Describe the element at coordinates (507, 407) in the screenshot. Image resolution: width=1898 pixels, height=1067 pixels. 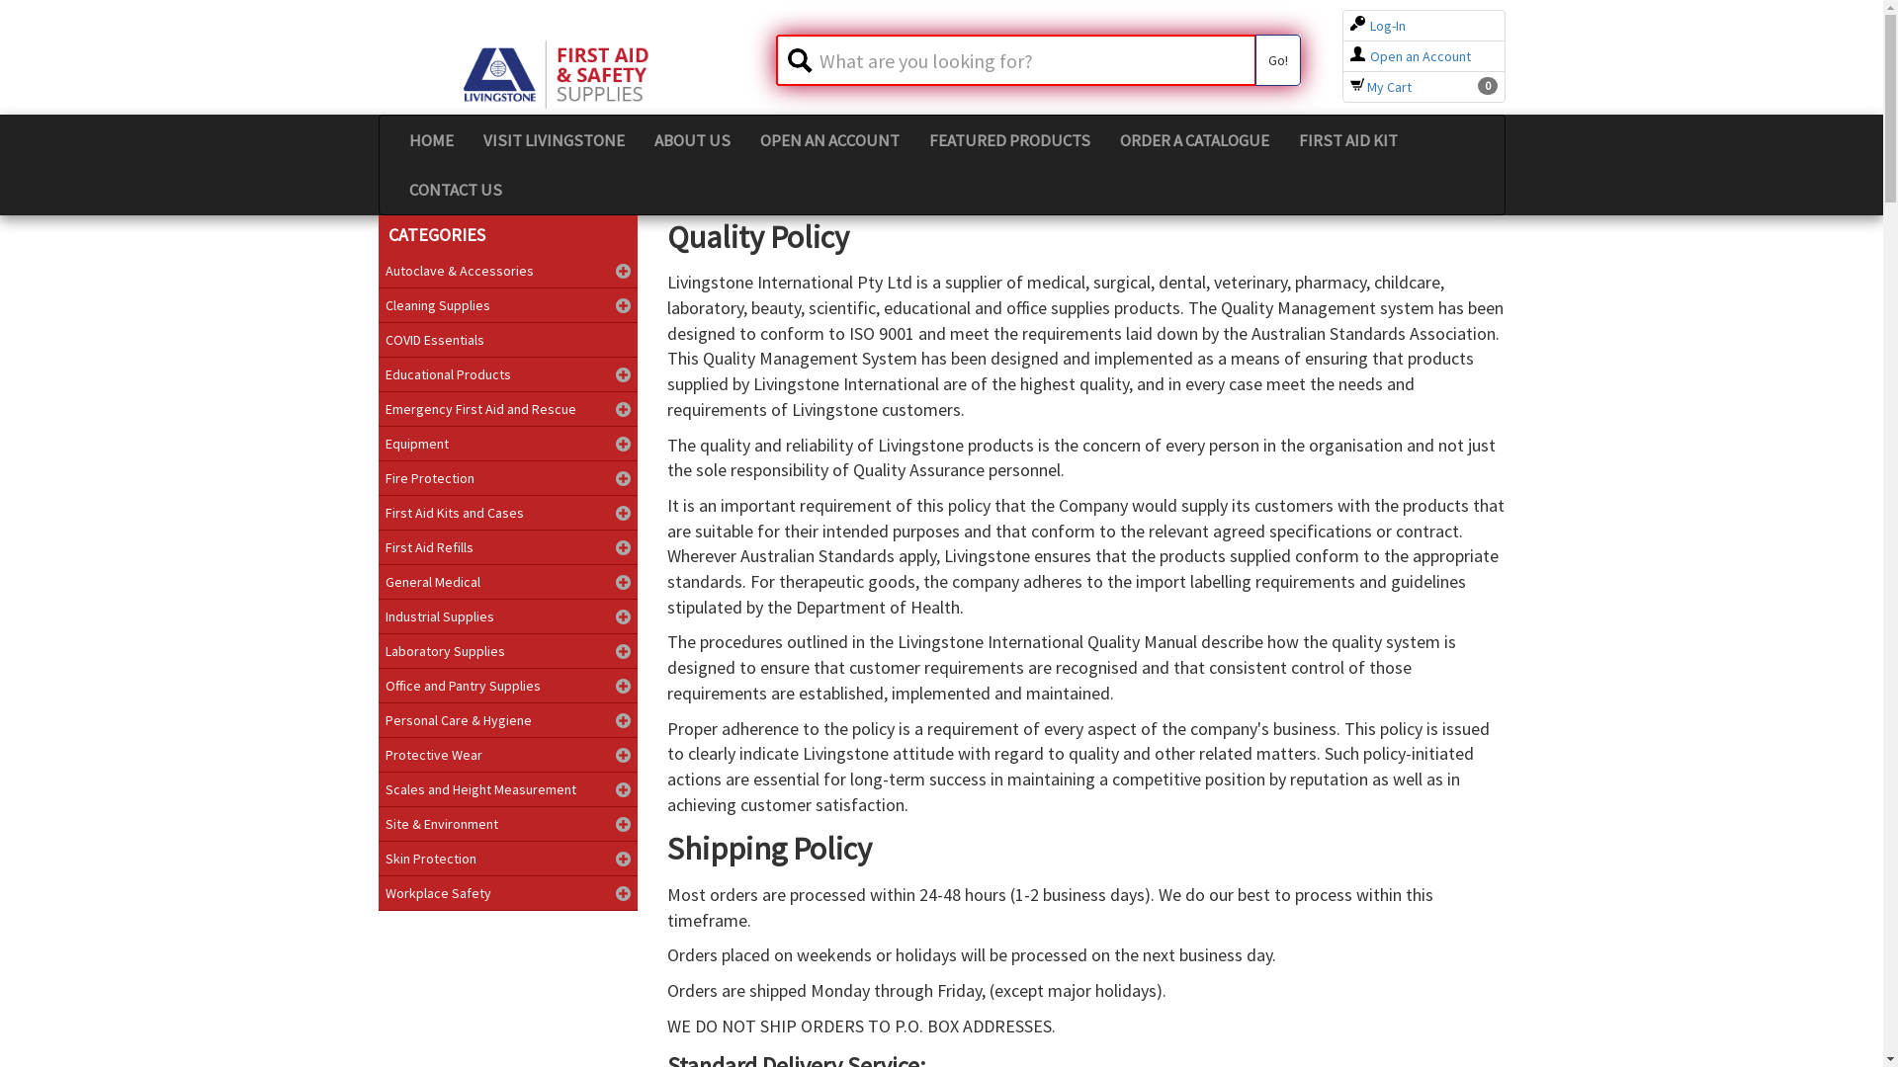
I see `'Emergency First Aid and Rescue'` at that location.